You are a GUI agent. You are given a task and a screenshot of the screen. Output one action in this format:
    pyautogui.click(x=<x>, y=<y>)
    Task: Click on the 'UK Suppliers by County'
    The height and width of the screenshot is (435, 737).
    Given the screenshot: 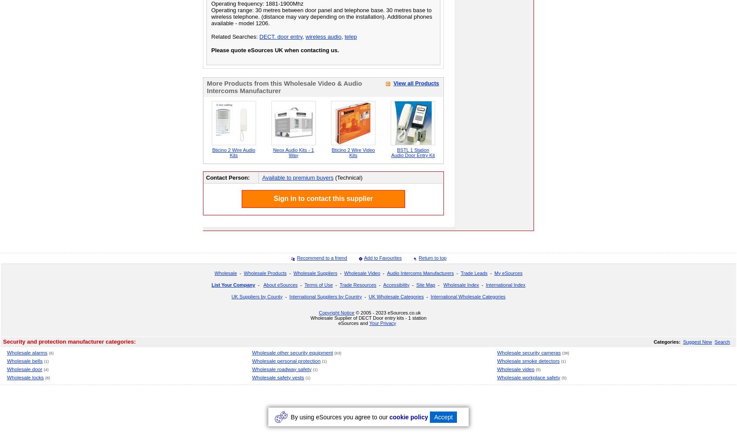 What is the action you would take?
    pyautogui.click(x=256, y=296)
    